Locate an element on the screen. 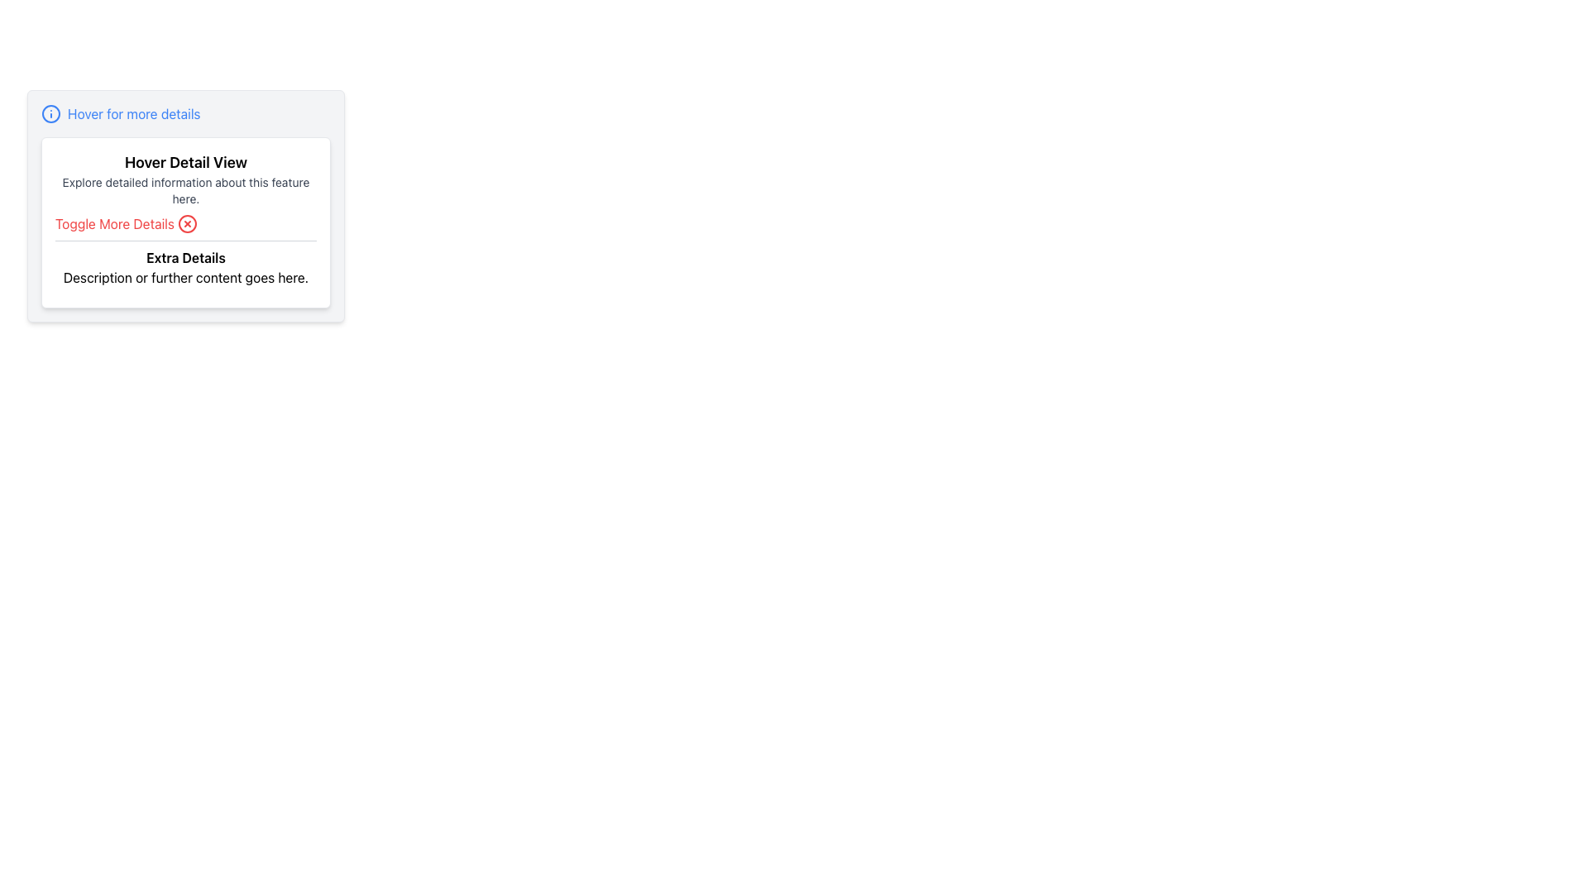  the text element that provides additional explanatory content, positioned directly below 'Extra Details' in the 'Hover Detail View' section is located at coordinates (186, 276).